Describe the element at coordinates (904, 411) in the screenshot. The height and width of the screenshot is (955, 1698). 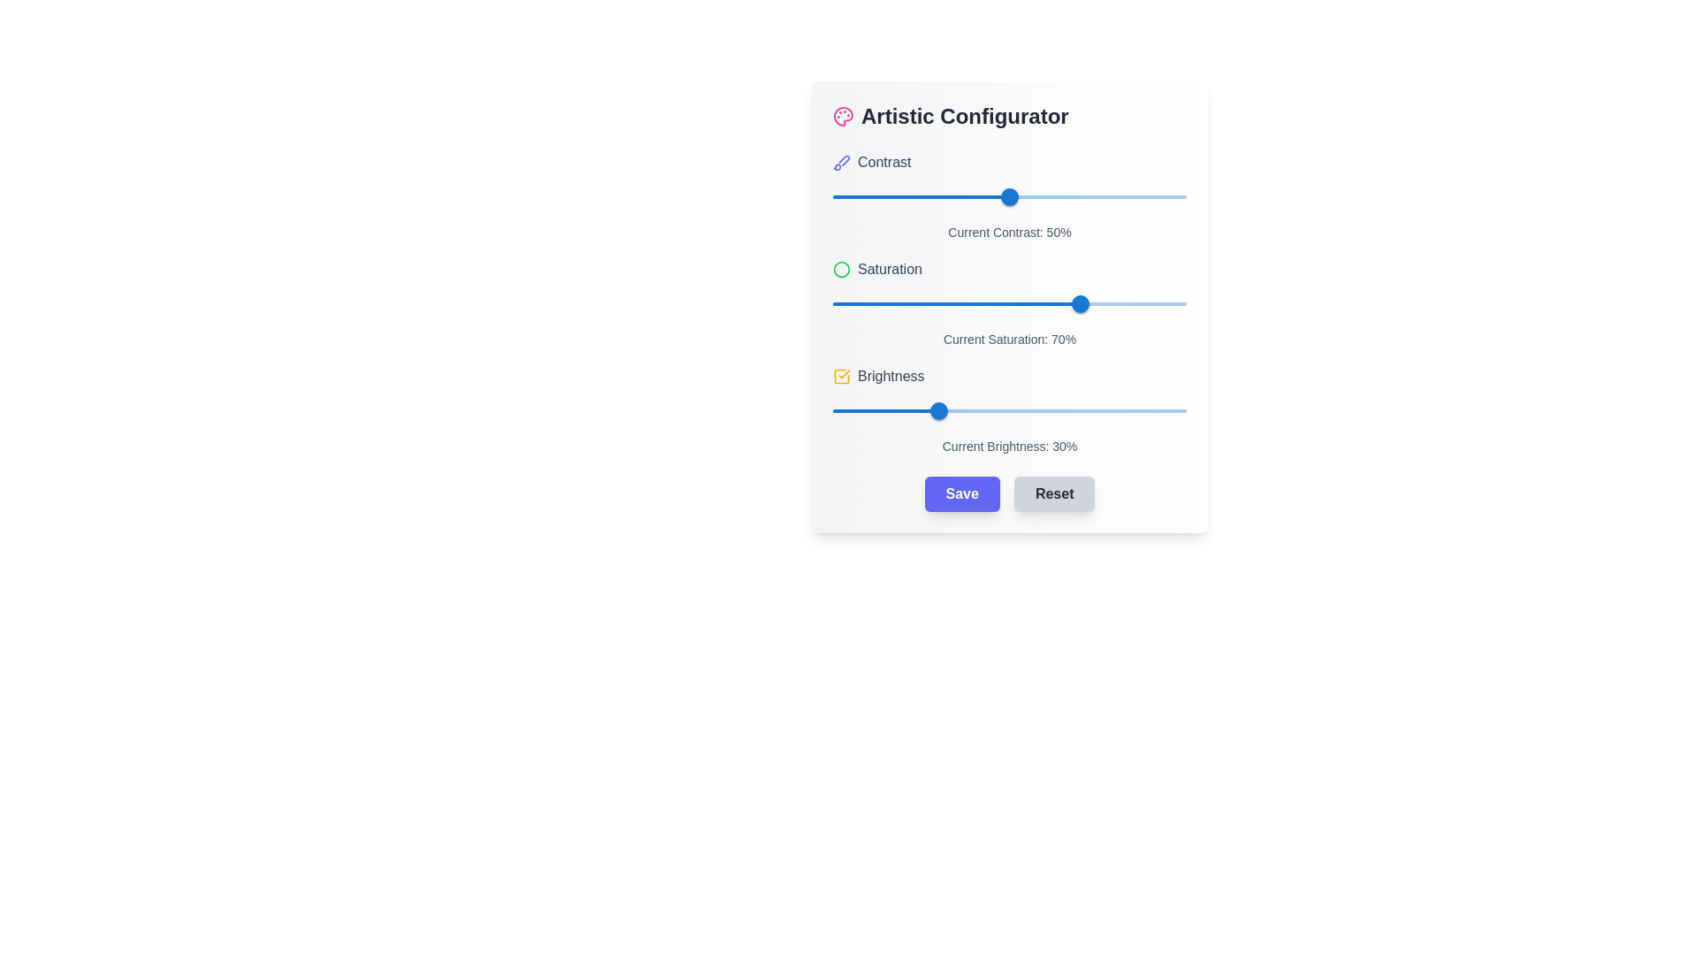
I see `the brightness` at that location.